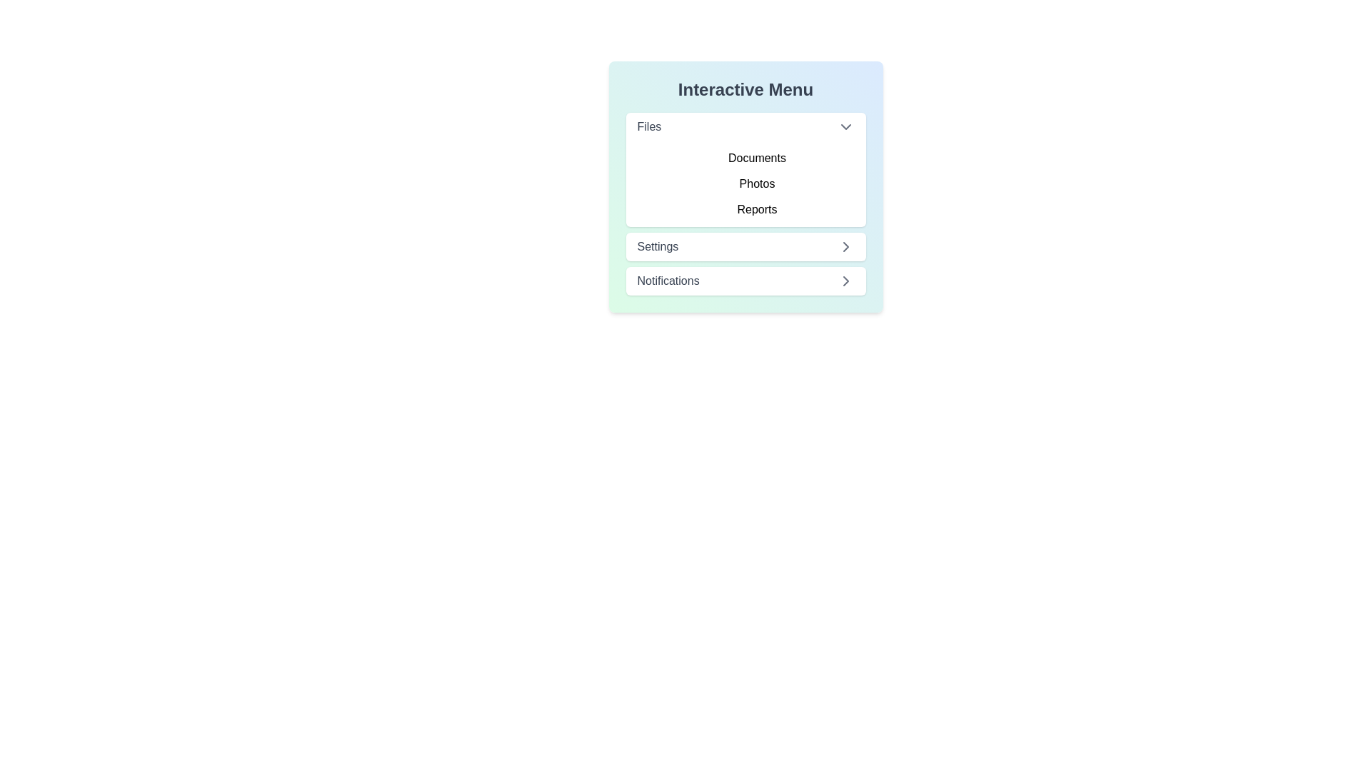 The height and width of the screenshot is (771, 1371). Describe the element at coordinates (845, 246) in the screenshot. I see `the icon located immediately to the right of the 'Settings' text label in the 'Interactive Menu'` at that location.